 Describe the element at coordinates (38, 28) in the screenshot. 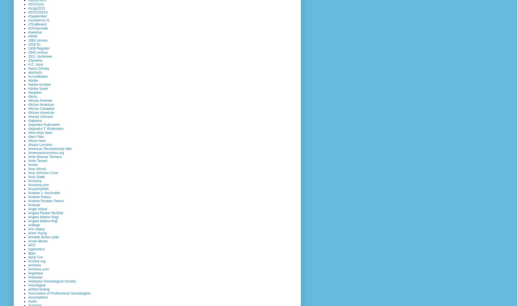

I see `'#UGAprotalk'` at that location.